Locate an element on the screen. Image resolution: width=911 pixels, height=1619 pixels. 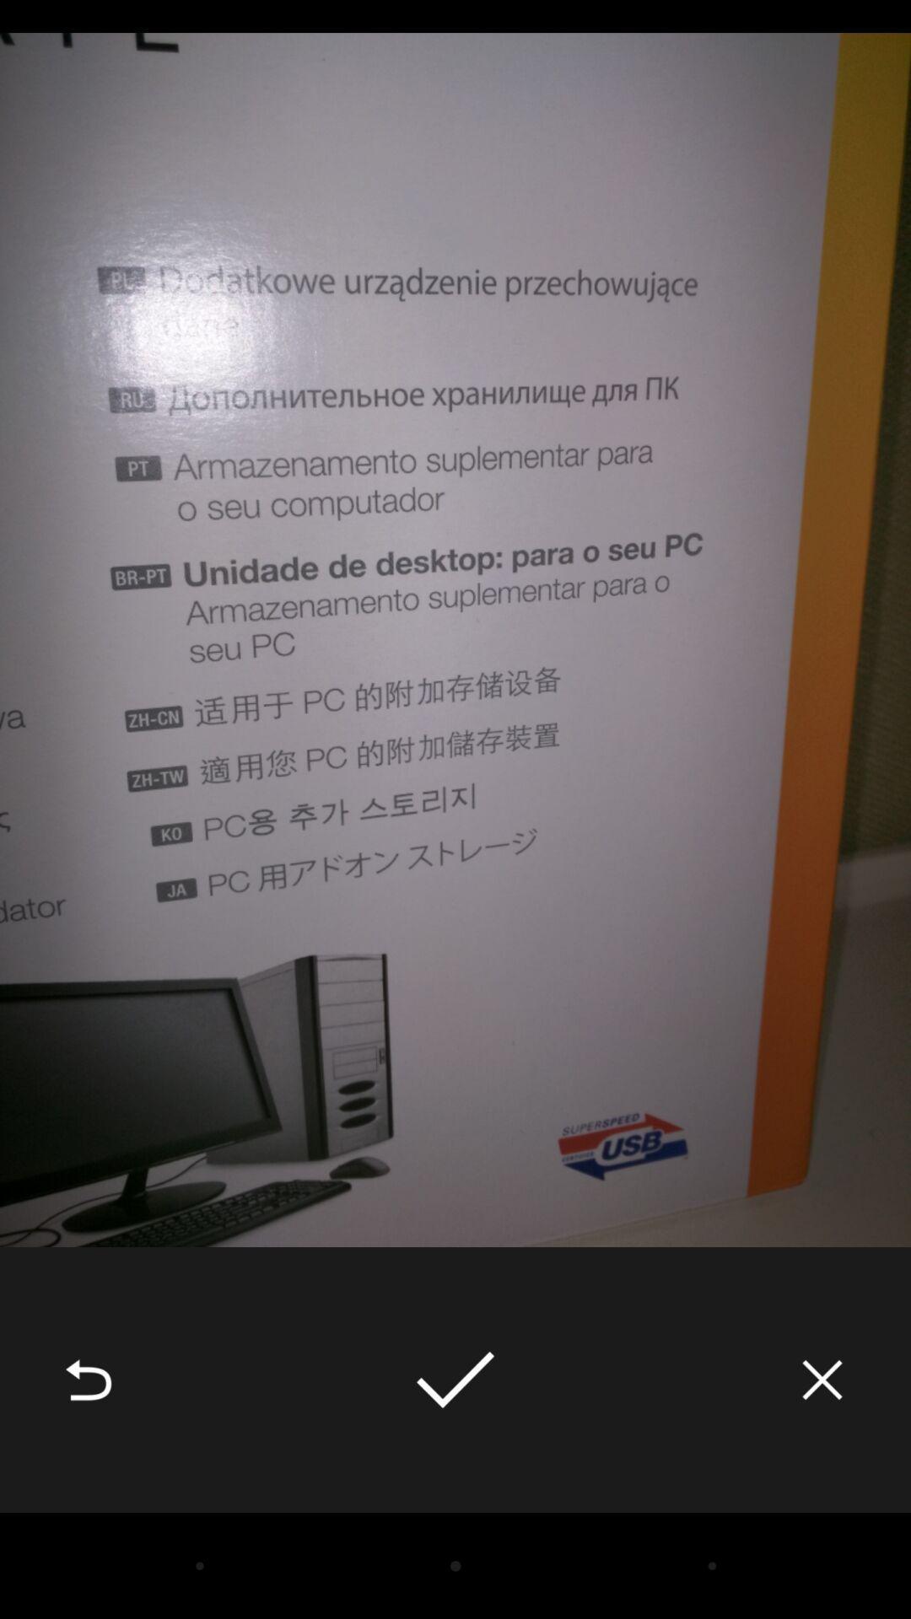
icon at the bottom left corner is located at coordinates (88, 1380).